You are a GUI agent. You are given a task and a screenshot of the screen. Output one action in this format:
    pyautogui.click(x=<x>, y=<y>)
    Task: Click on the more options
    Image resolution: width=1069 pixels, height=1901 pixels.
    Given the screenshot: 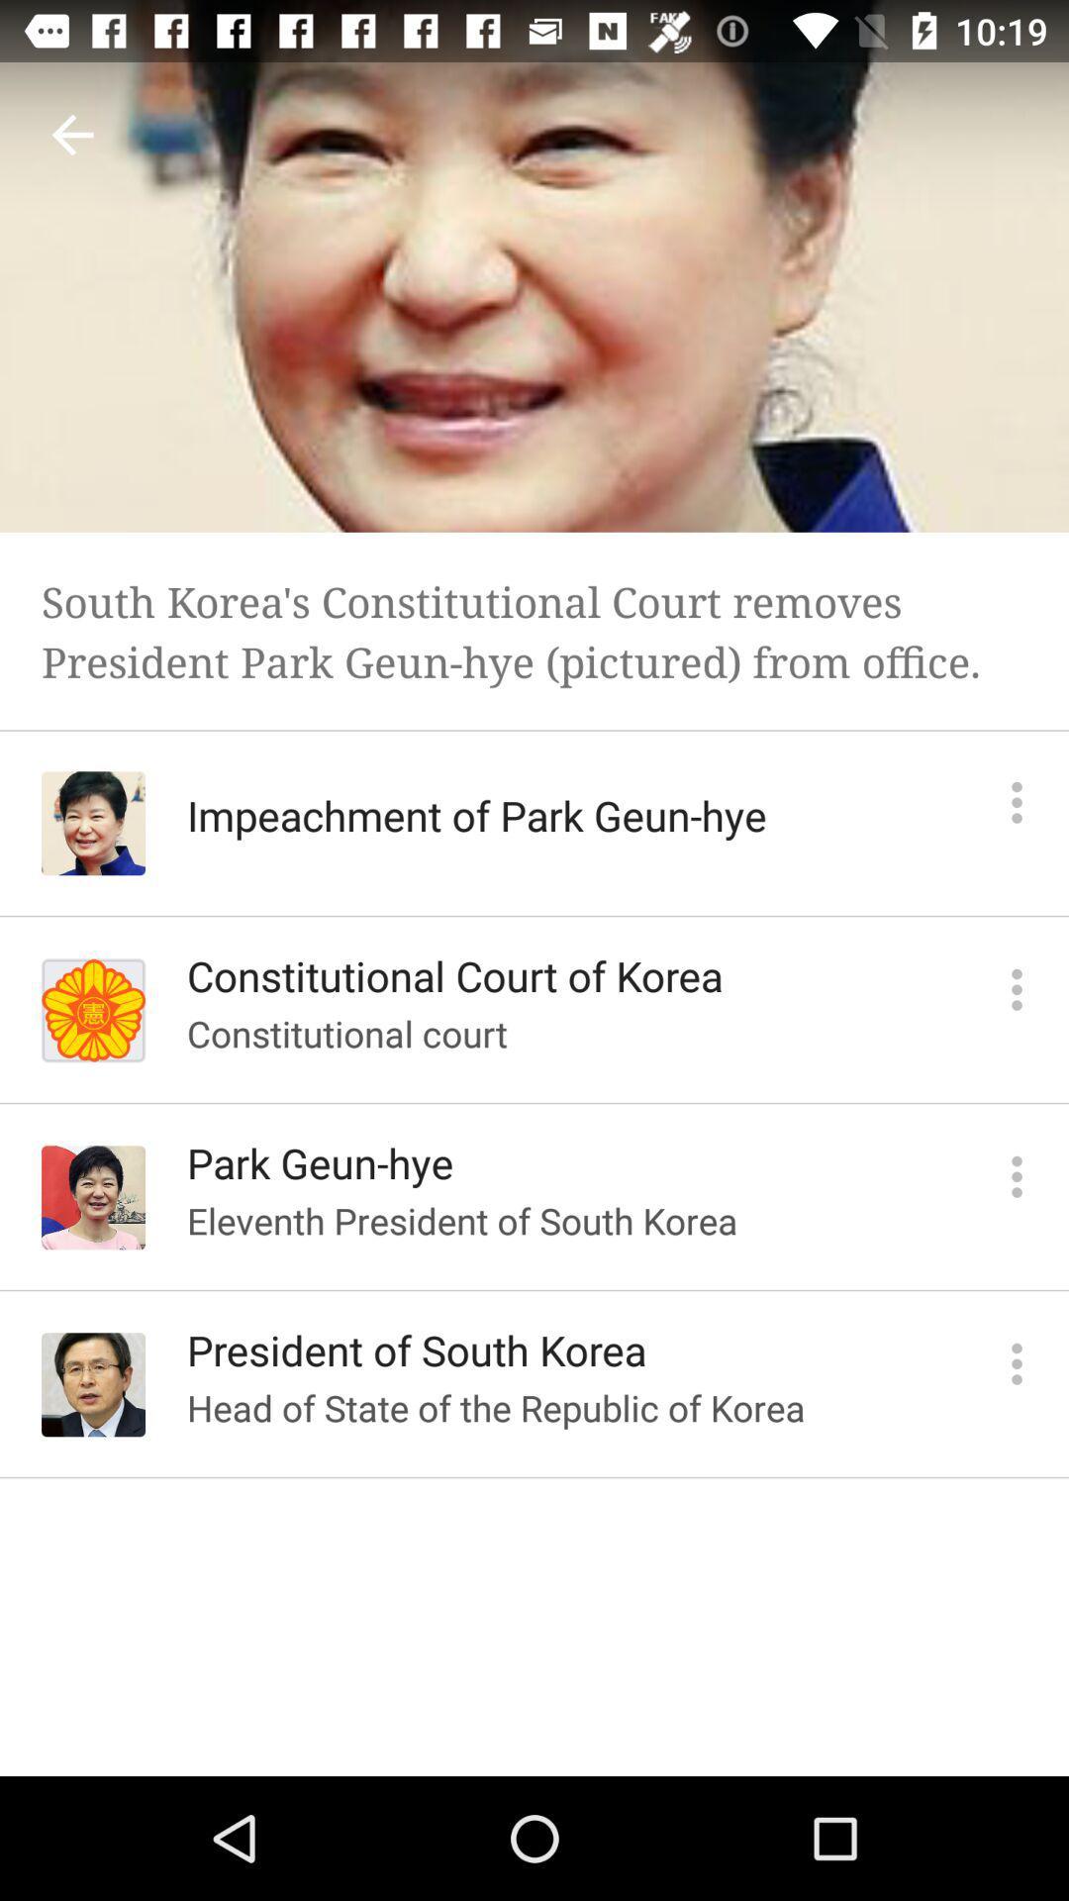 What is the action you would take?
    pyautogui.click(x=1017, y=1176)
    